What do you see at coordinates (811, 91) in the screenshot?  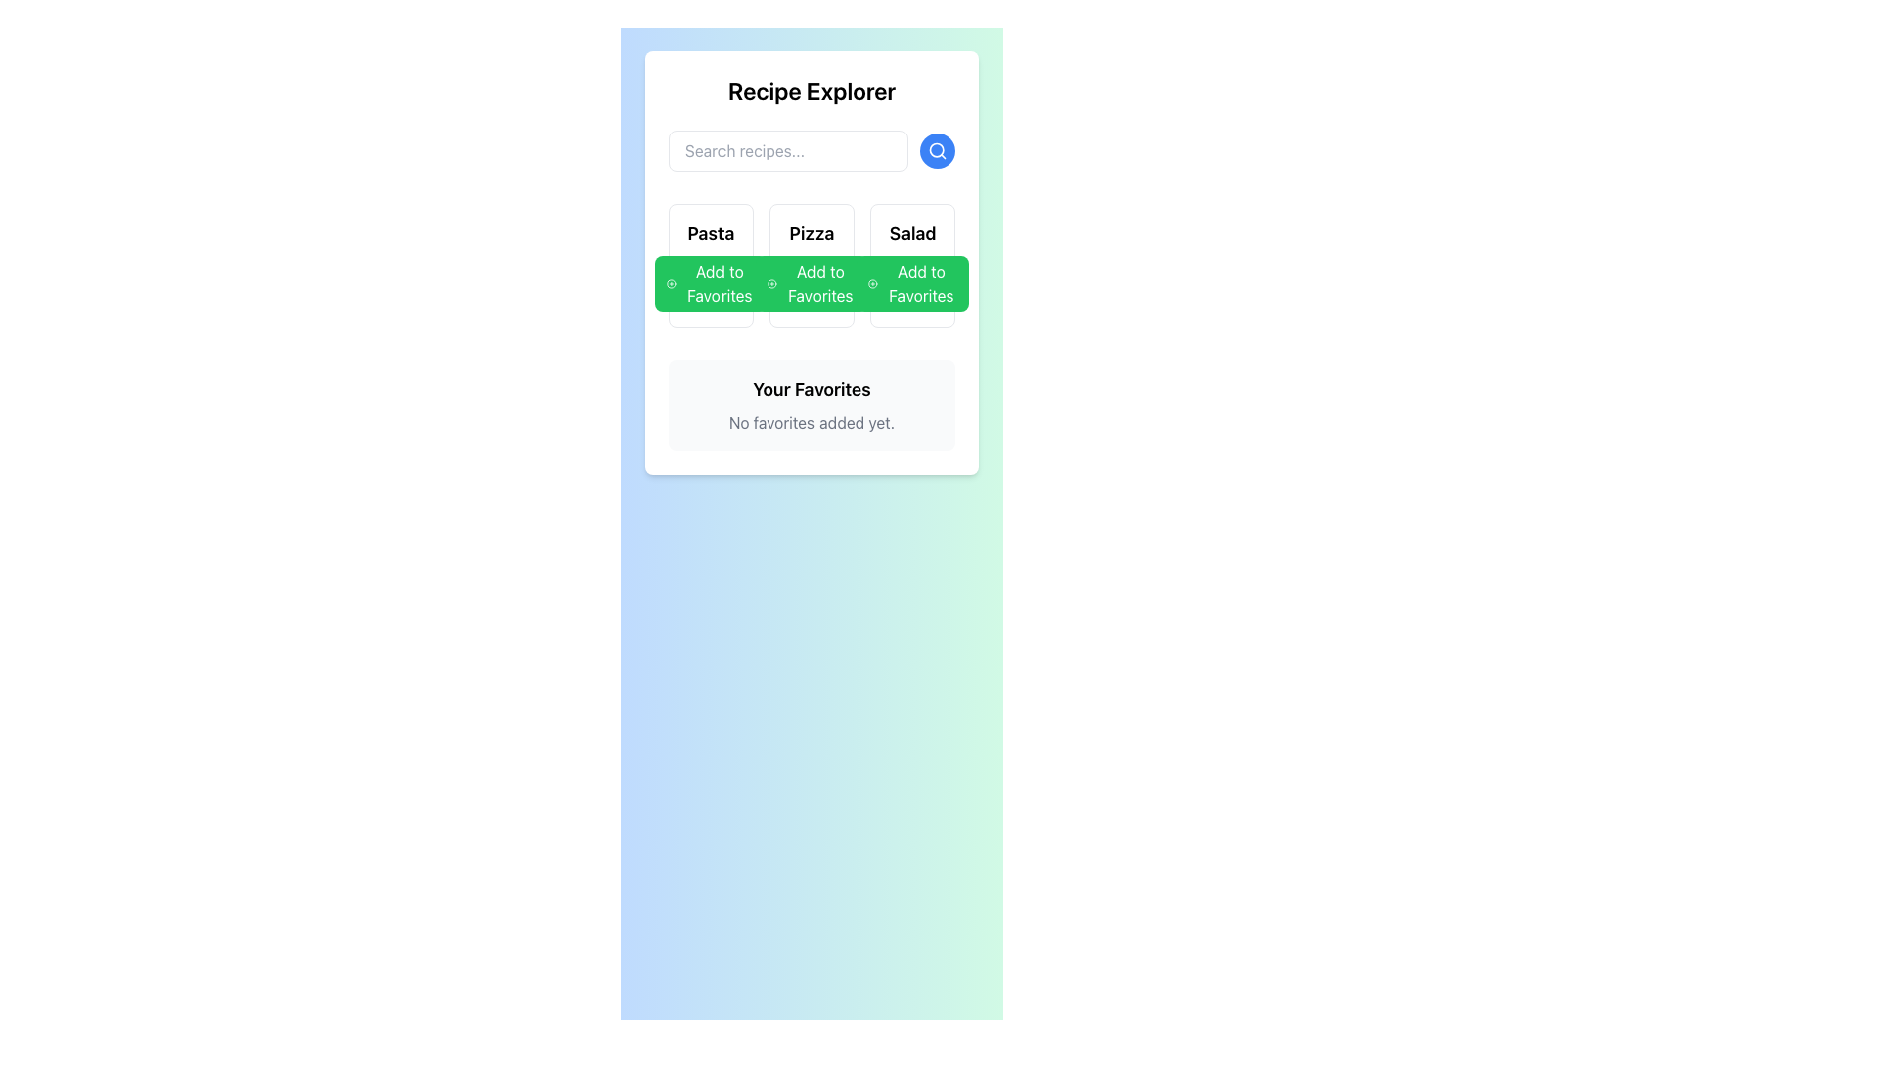 I see `the static text label displaying 'Recipe Explorer', which is styled with a significant font size and bold weight, located at the top of the card-like component` at bounding box center [811, 91].